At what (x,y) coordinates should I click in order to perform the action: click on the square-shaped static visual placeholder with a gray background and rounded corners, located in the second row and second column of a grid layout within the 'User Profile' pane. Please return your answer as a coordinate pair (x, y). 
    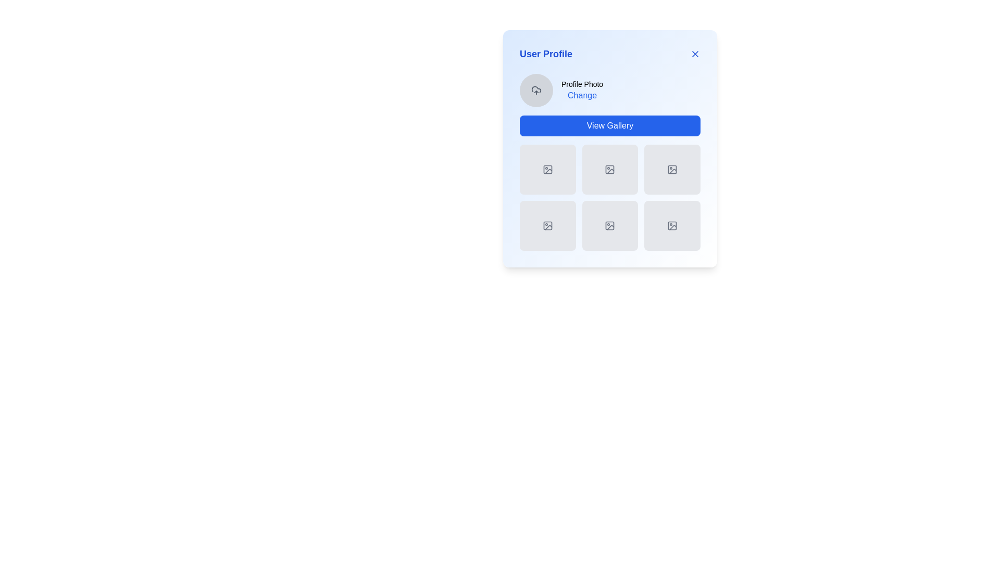
    Looking at the image, I should click on (610, 225).